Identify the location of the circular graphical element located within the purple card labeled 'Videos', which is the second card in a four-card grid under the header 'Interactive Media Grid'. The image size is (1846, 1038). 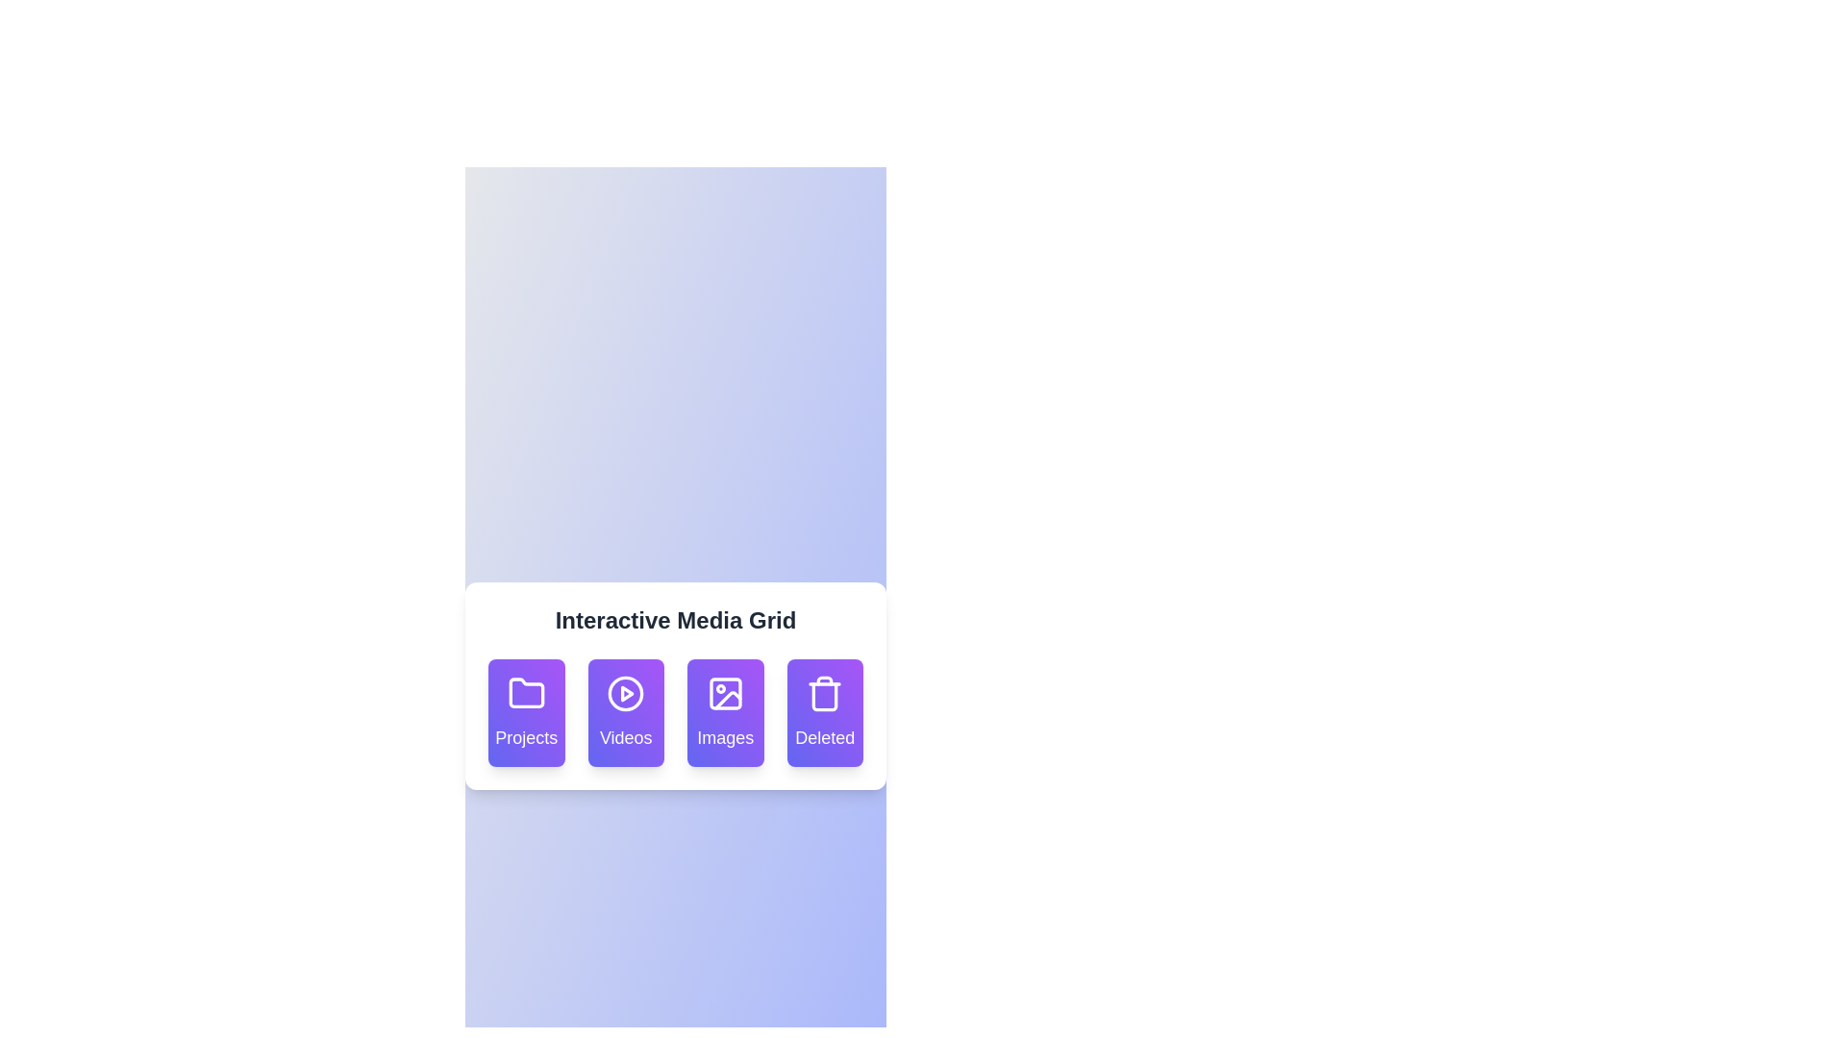
(626, 693).